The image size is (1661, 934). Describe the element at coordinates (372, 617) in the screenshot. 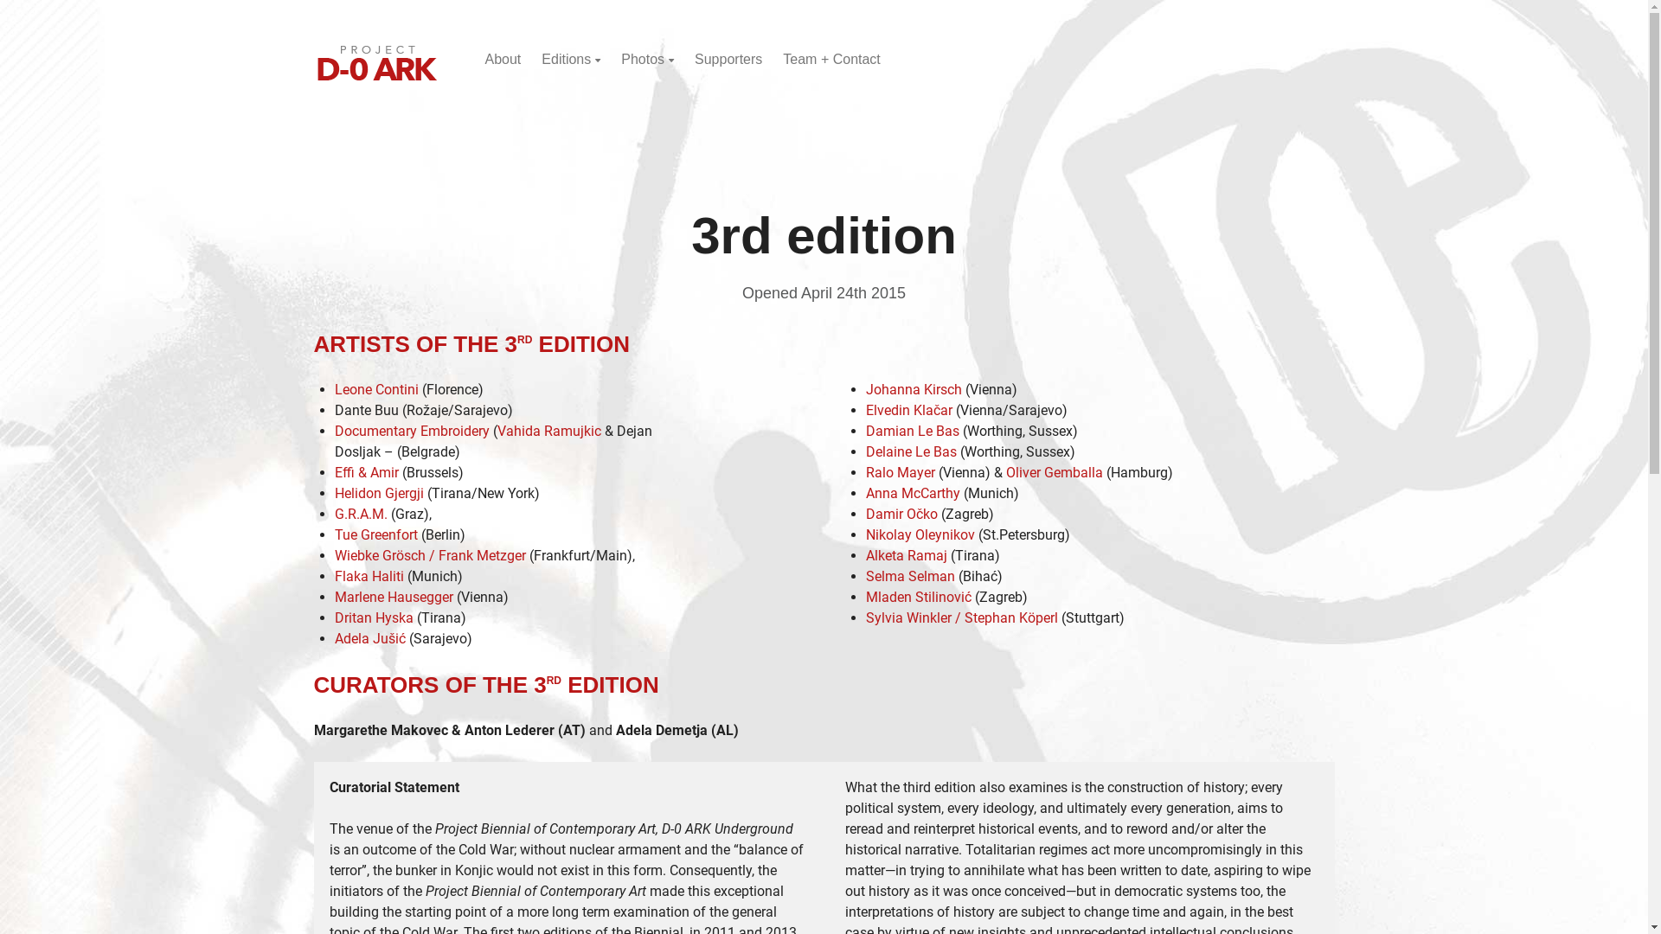

I see `'Dritan Hyska'` at that location.